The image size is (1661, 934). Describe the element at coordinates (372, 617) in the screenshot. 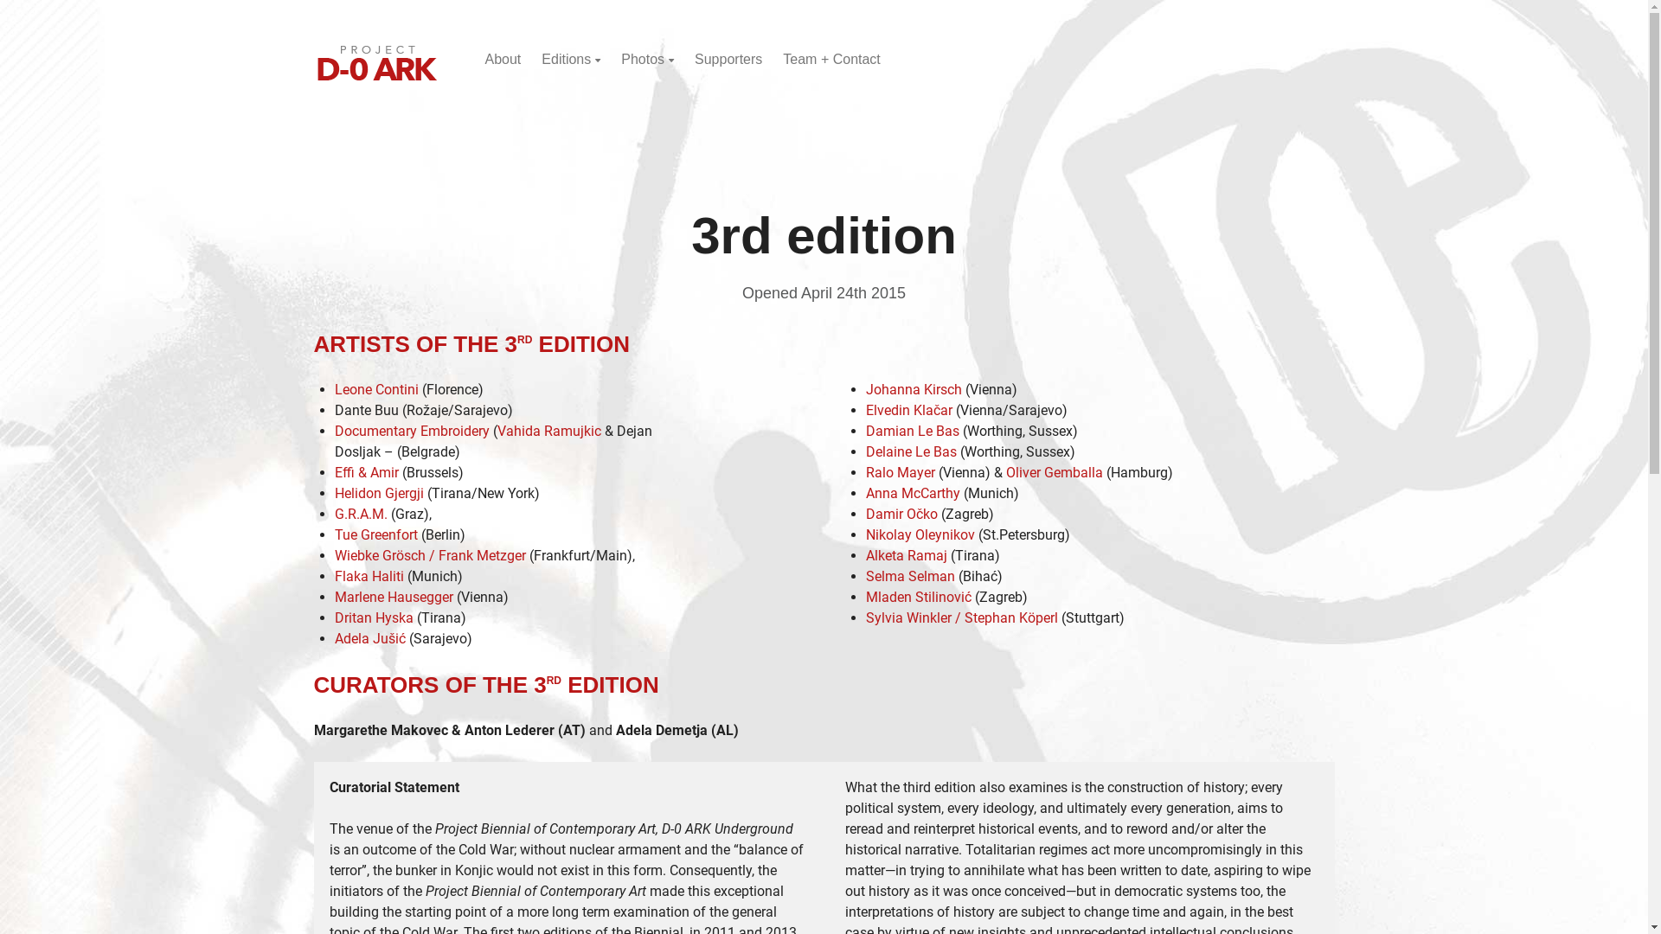

I see `'Dritan Hyska'` at that location.